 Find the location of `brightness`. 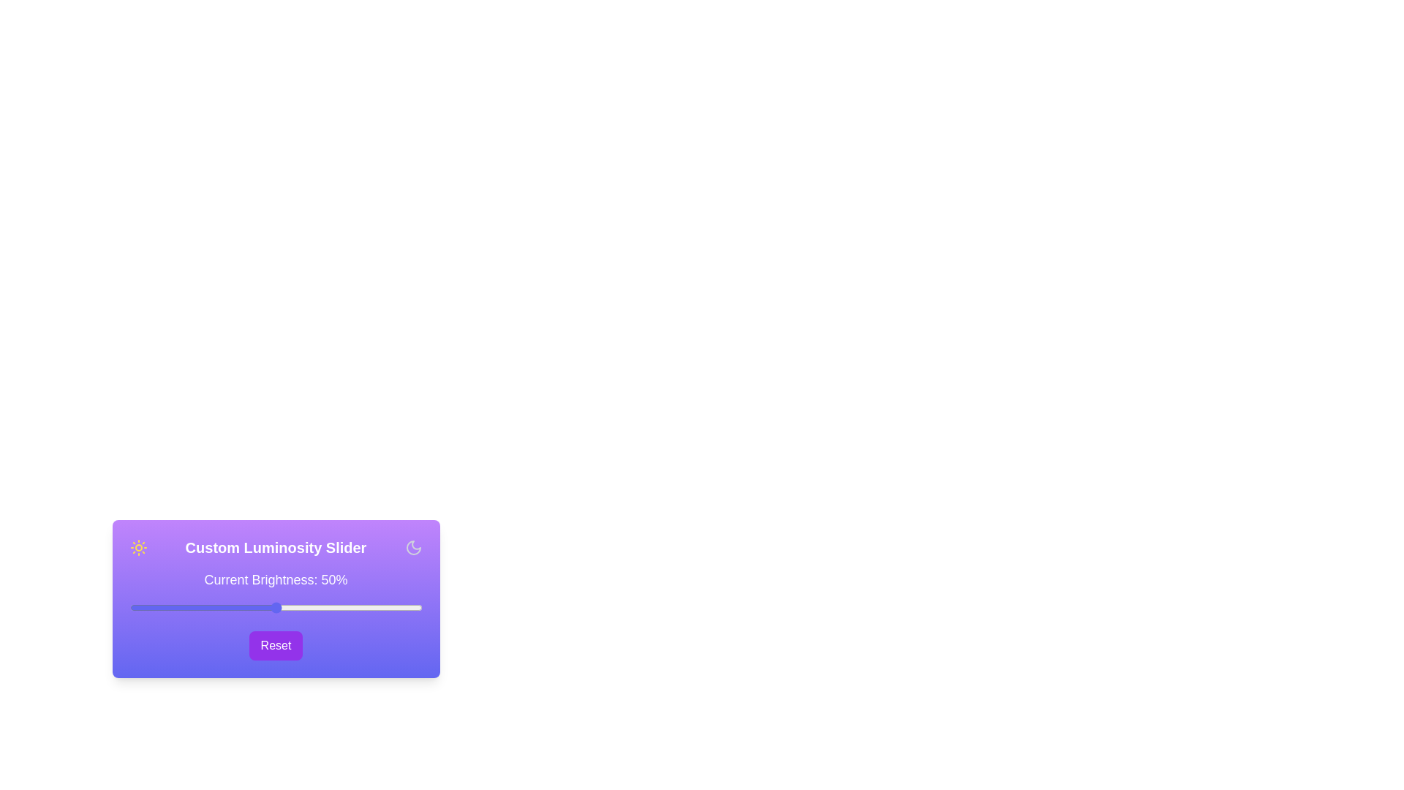

brightness is located at coordinates (336, 607).